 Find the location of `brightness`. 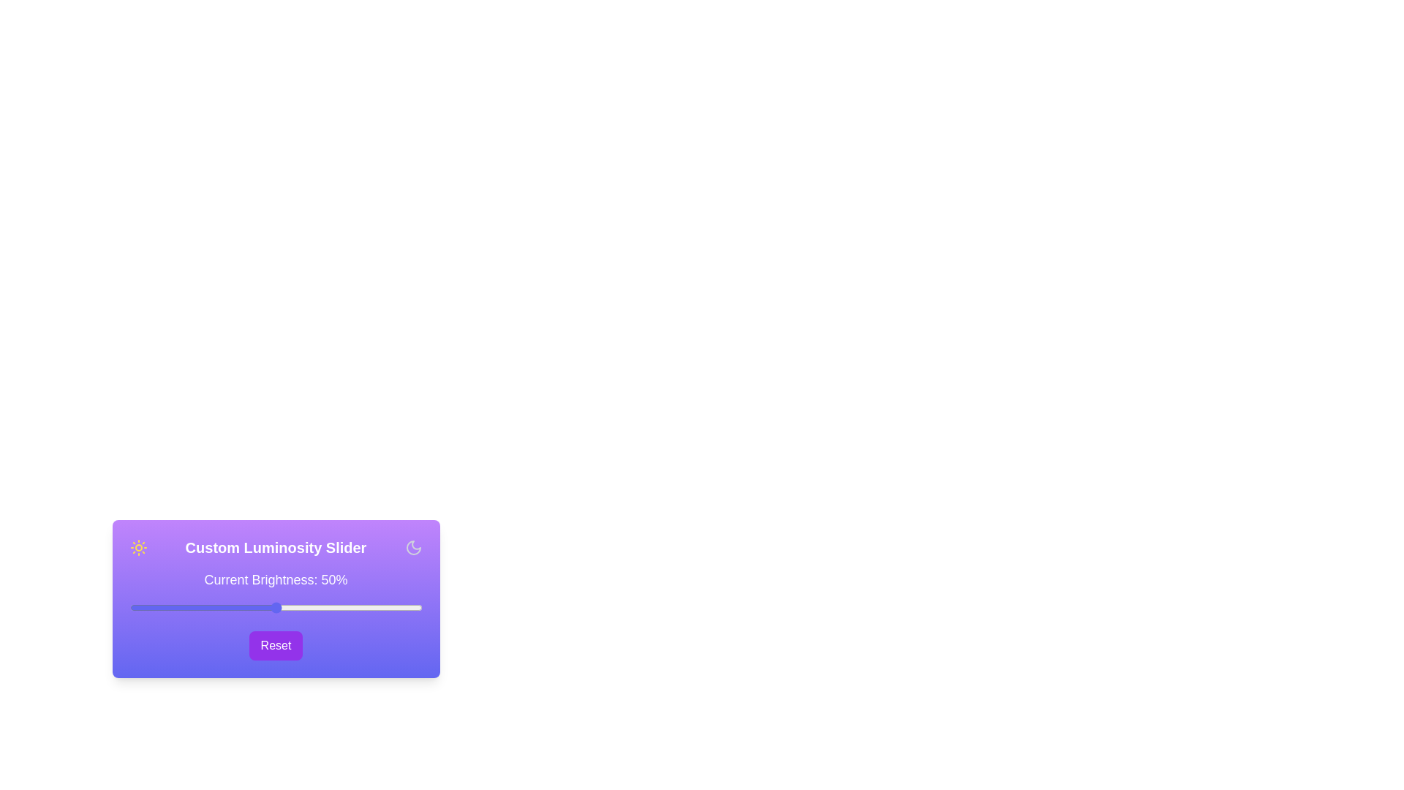

brightness is located at coordinates (336, 607).